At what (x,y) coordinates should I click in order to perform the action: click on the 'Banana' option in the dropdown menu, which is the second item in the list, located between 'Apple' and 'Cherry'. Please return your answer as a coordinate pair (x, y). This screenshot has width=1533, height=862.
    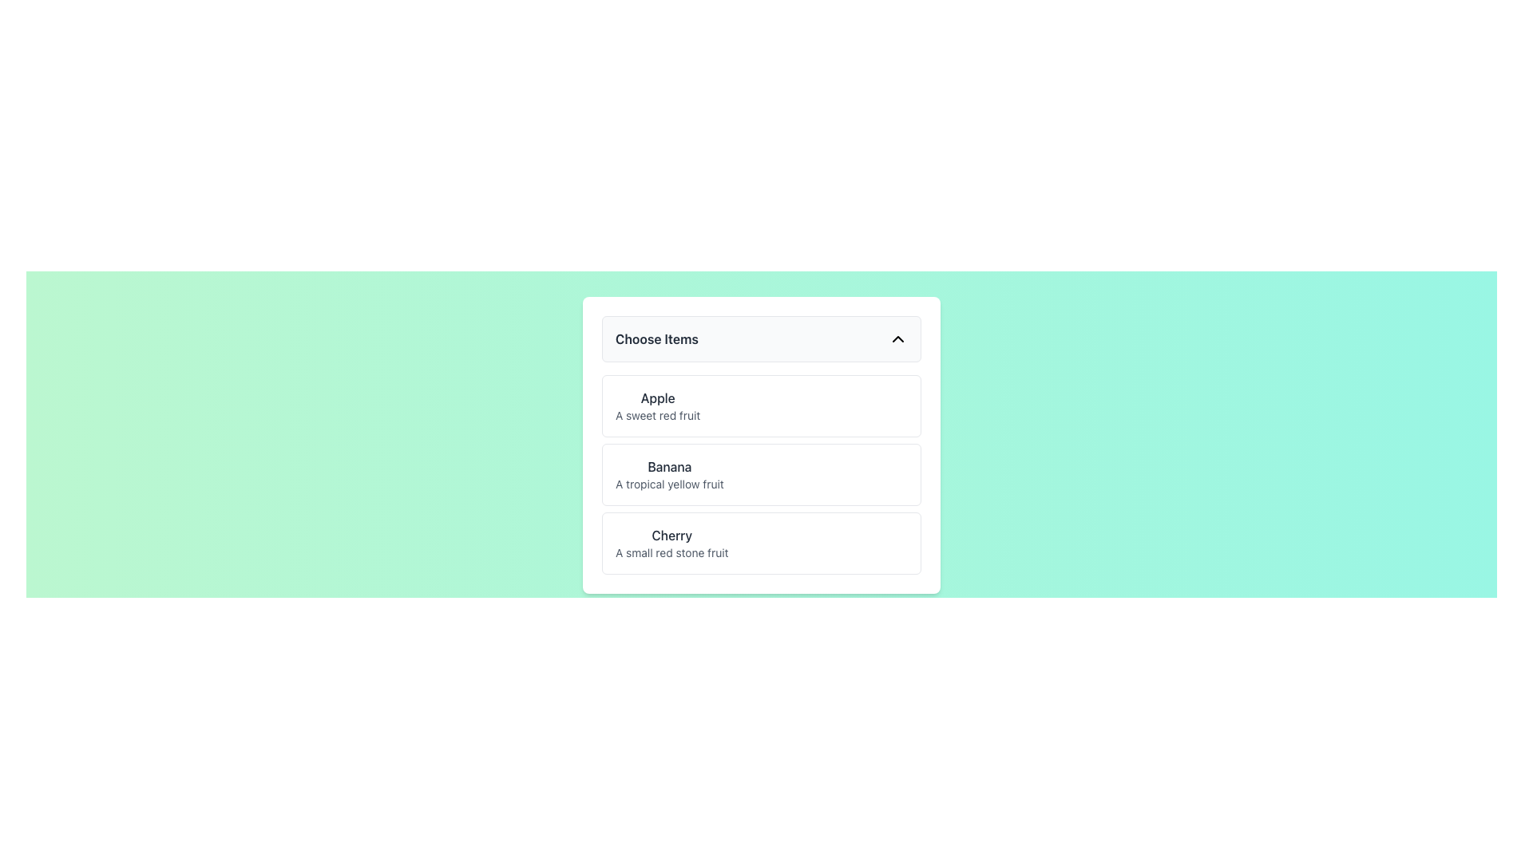
    Looking at the image, I should click on (761, 473).